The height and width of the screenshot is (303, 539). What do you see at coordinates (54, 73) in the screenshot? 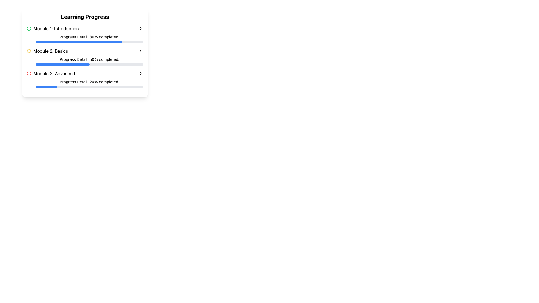
I see `the text label displaying 'Module 3: Advanced', which is located in the lower portion of the learning modules list and is styled with a clear black font` at bounding box center [54, 73].